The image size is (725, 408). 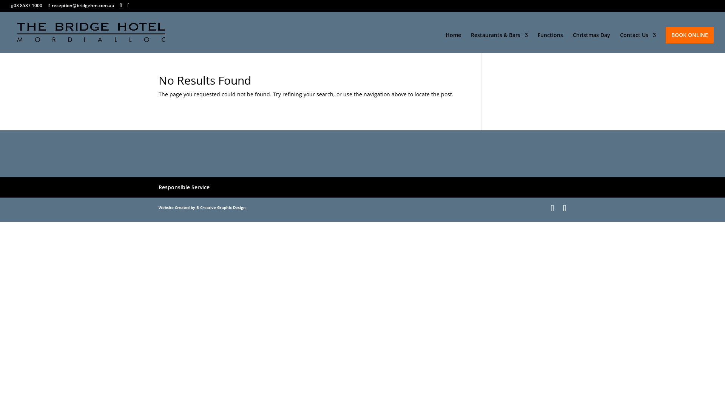 What do you see at coordinates (637, 42) in the screenshot?
I see `'Contact Us'` at bounding box center [637, 42].